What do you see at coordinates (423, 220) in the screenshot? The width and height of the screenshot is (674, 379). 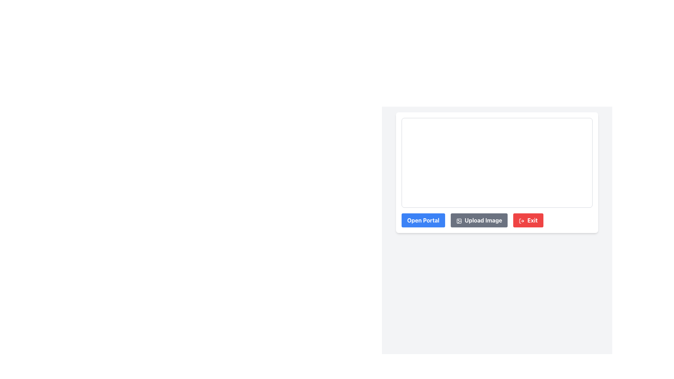 I see `the 'Open Portal' button, which is a rounded rectangle shape with a blue background and bold white text` at bounding box center [423, 220].